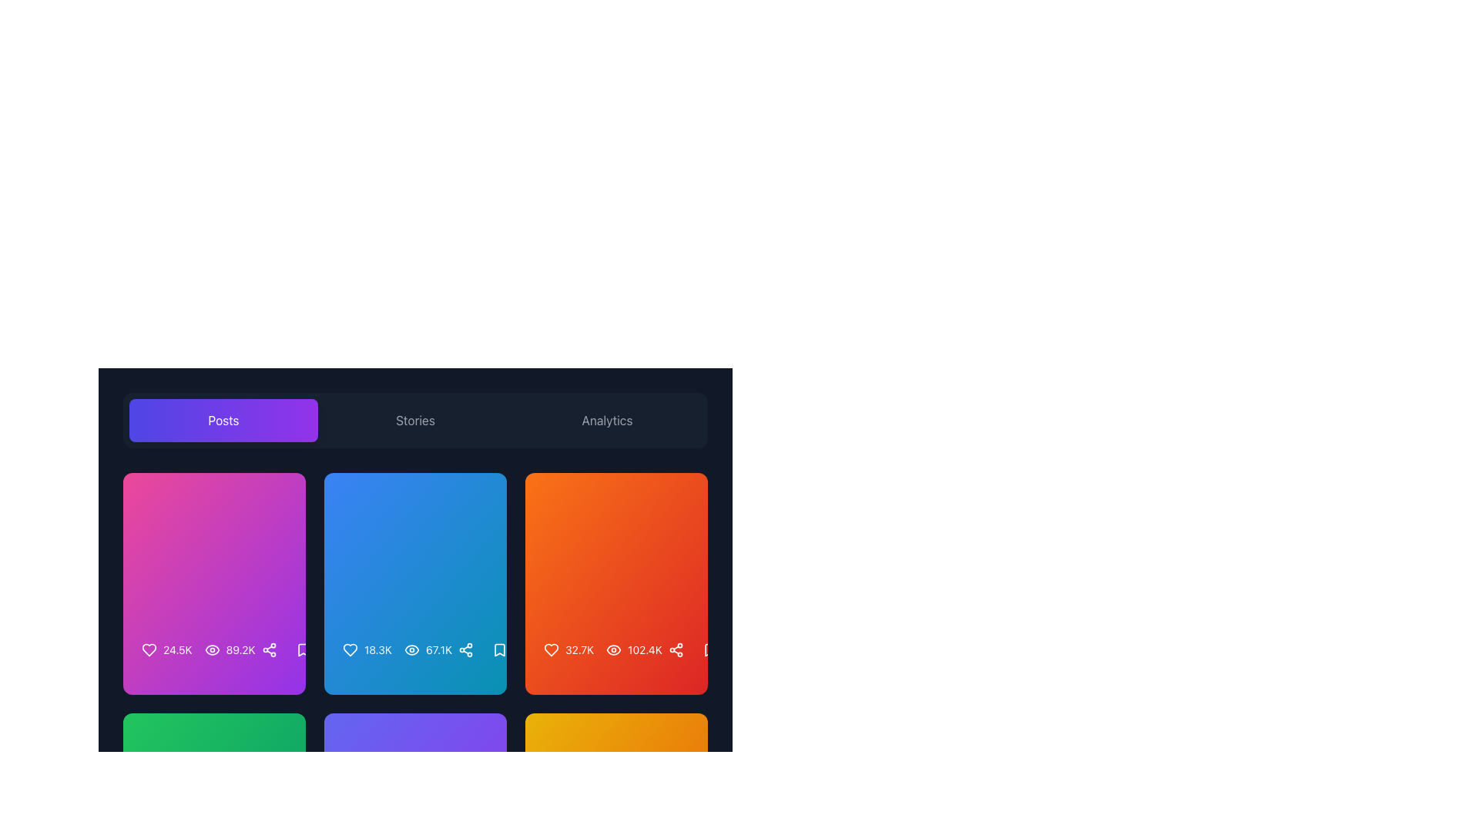  Describe the element at coordinates (645, 650) in the screenshot. I see `the text label displaying the statistic '102.4K', styled in white text, located in the bottom-right section of a card with an orange gradient background, next to an eye icon` at that location.